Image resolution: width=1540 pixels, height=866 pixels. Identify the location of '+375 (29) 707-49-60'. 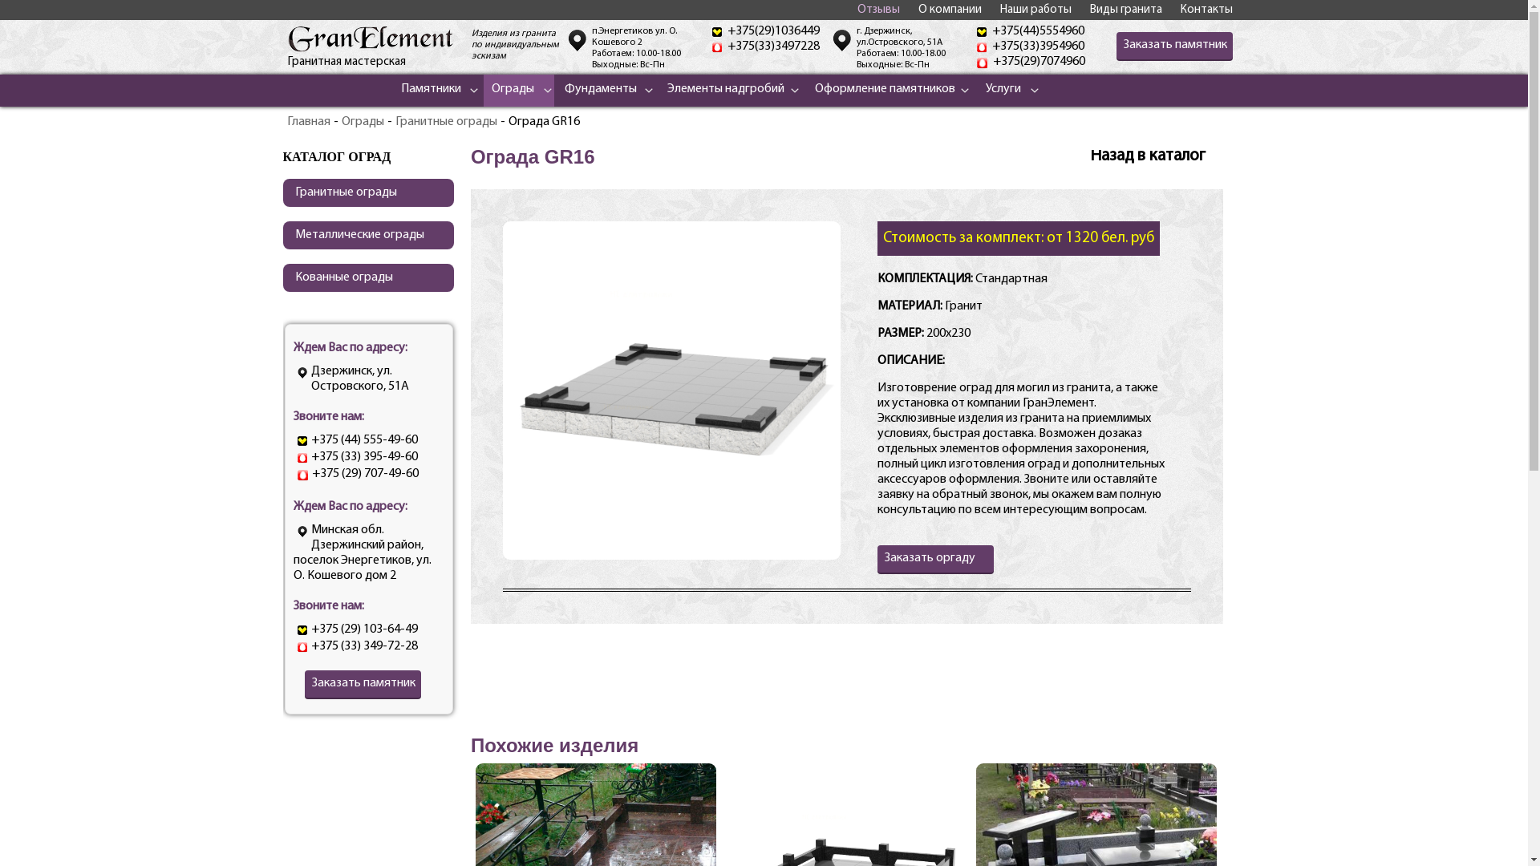
(363, 472).